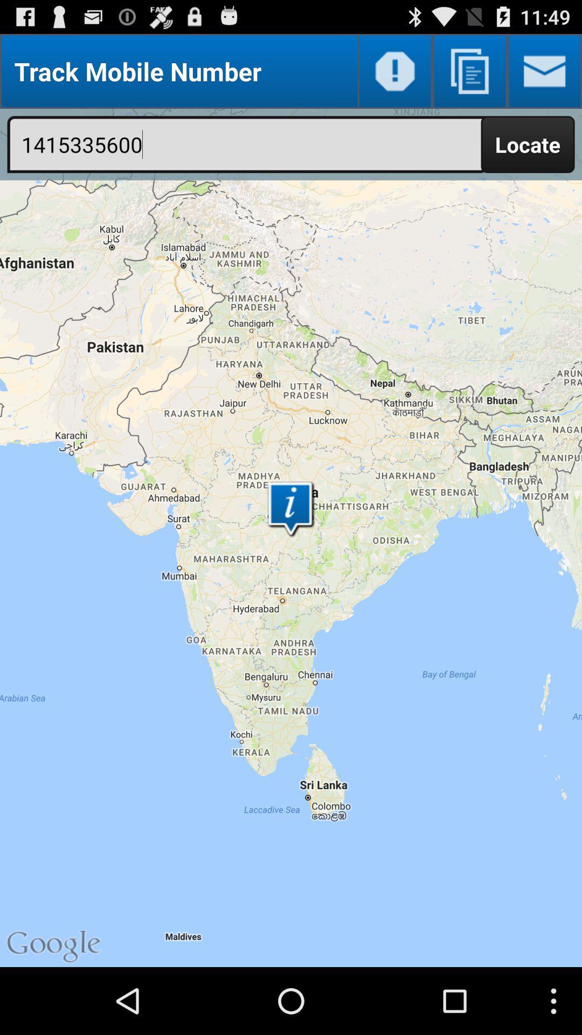  Describe the element at coordinates (544, 71) in the screenshot. I see `send message` at that location.